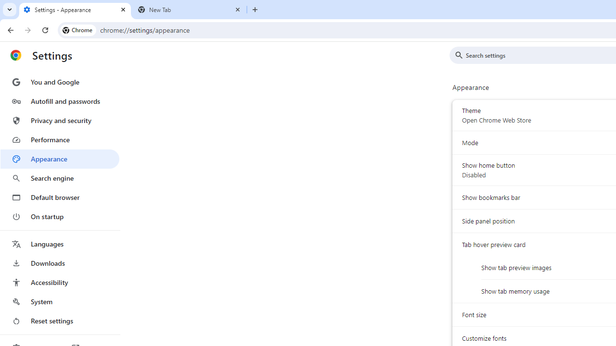 The height and width of the screenshot is (346, 616). Describe the element at coordinates (59, 139) in the screenshot. I see `'Performance'` at that location.